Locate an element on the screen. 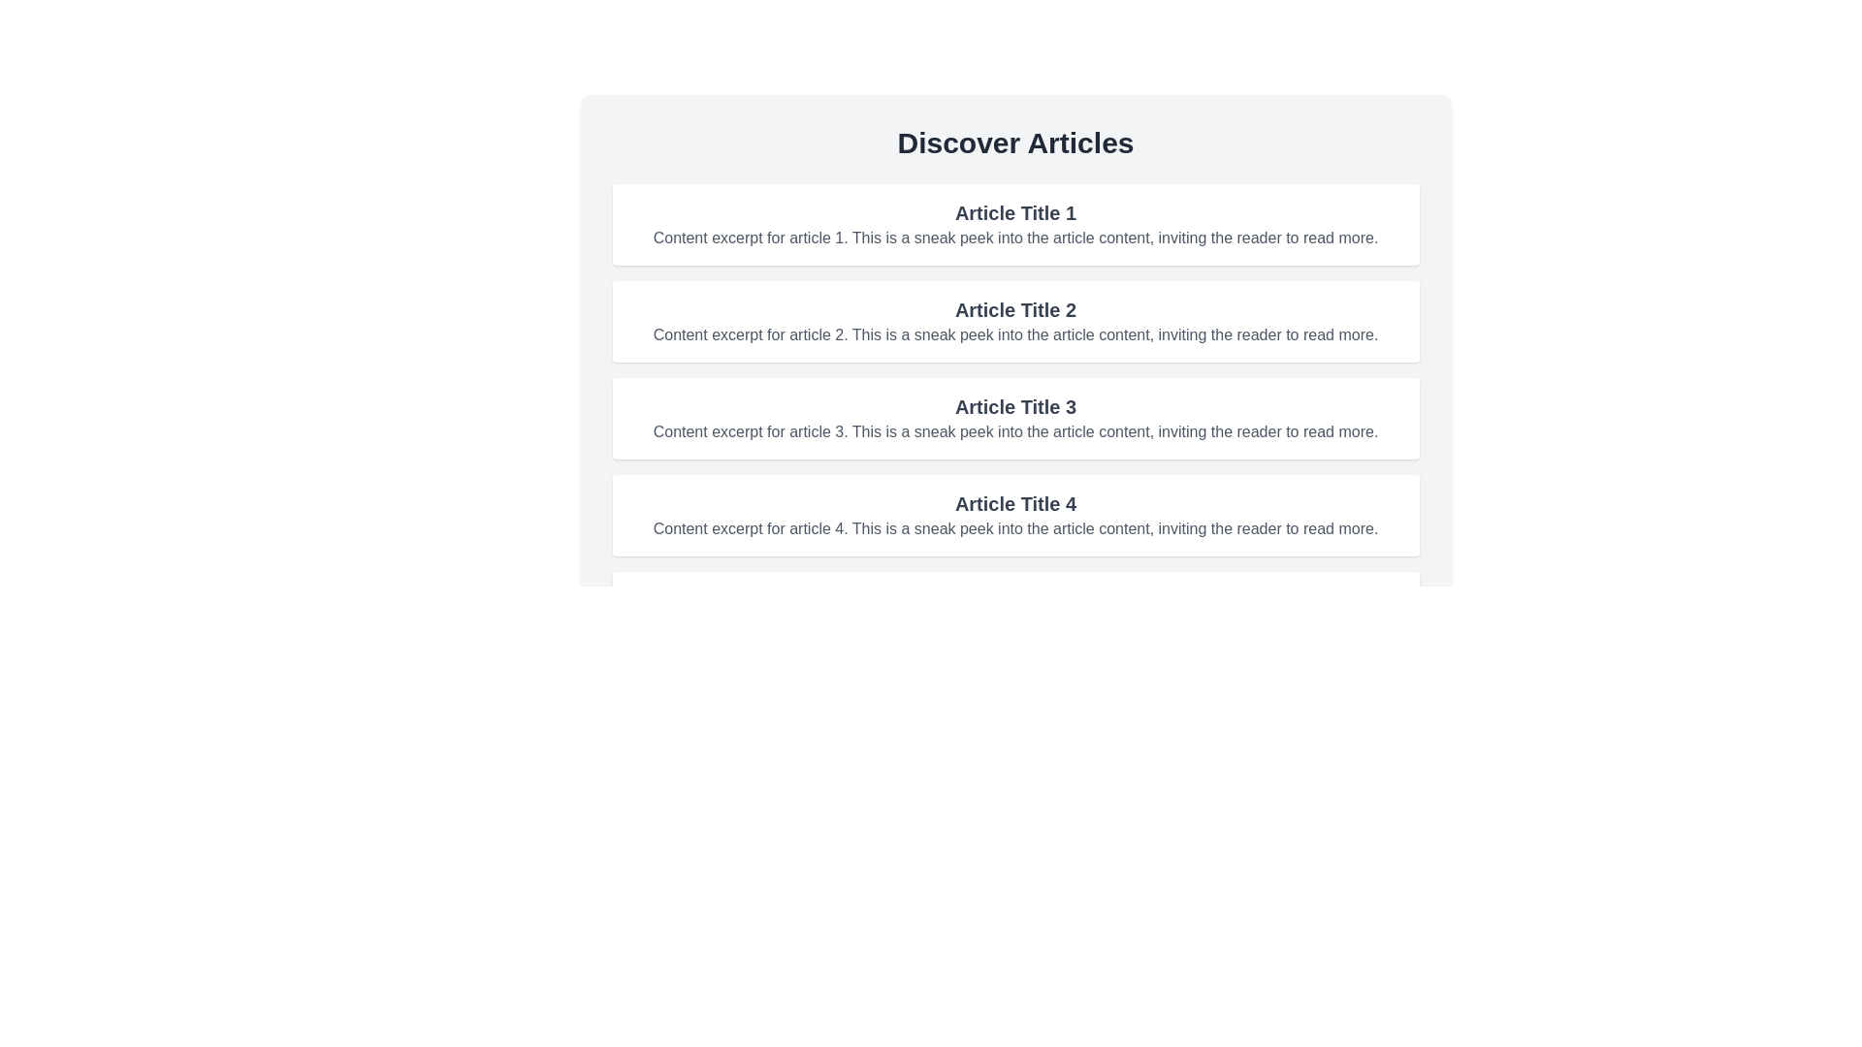 Image resolution: width=1862 pixels, height=1047 pixels. the header text element labeled 'Article Title 4', which identifies the associated content in the fourth group of article previews is located at coordinates (1014, 503).